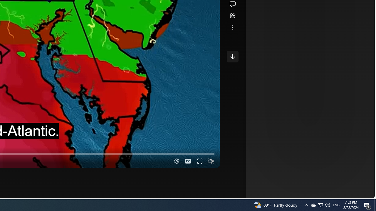  I want to click on 'Class: control', so click(232, 56).